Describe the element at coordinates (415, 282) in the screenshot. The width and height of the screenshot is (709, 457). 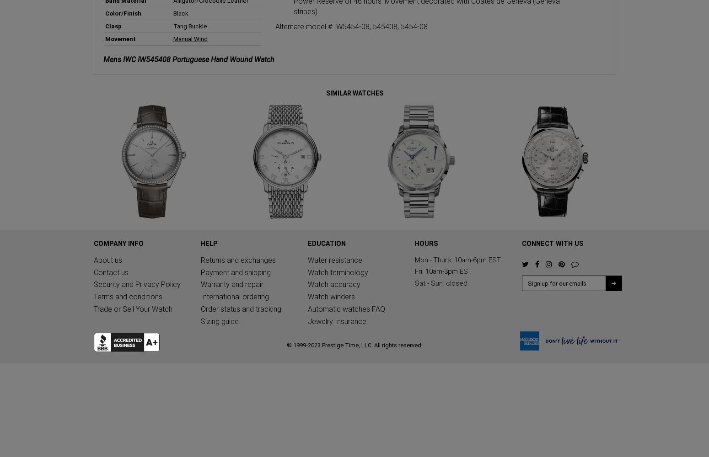
I see `'Sat - Sun: closed'` at that location.